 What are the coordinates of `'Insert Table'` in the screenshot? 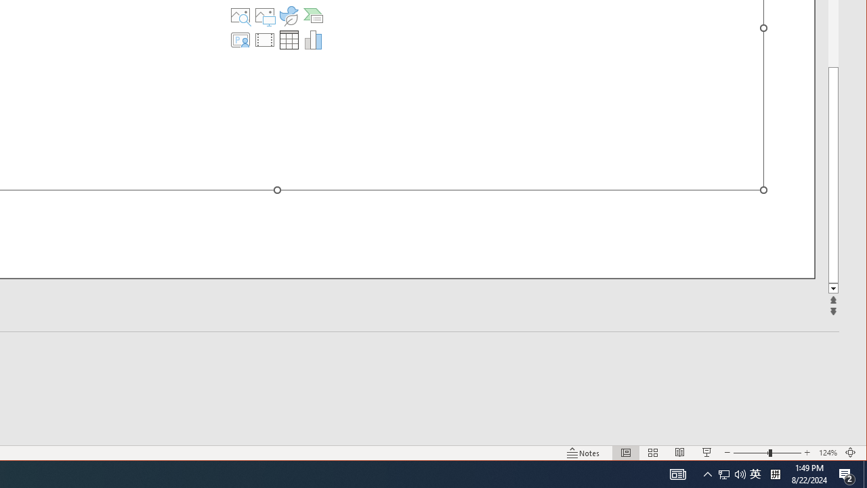 It's located at (288, 39).